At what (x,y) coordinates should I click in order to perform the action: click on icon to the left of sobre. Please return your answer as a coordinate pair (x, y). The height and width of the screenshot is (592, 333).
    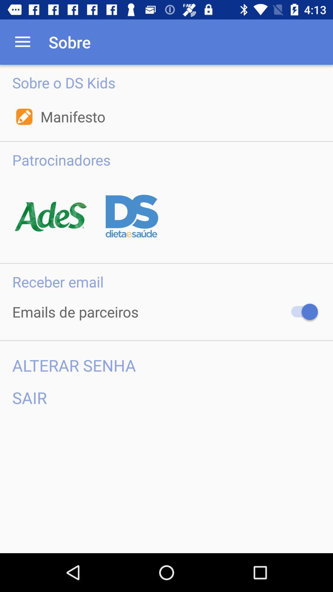
    Looking at the image, I should click on (22, 42).